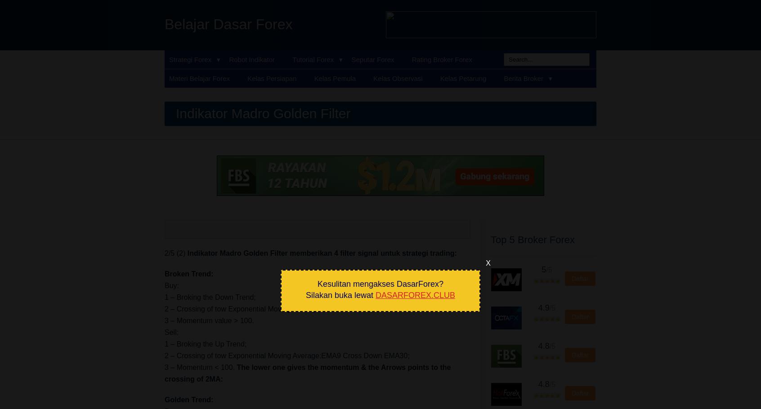  I want to click on 'The lower one gives the momentum & the Arrows points to the crossing of 2MA:', so click(308, 373).